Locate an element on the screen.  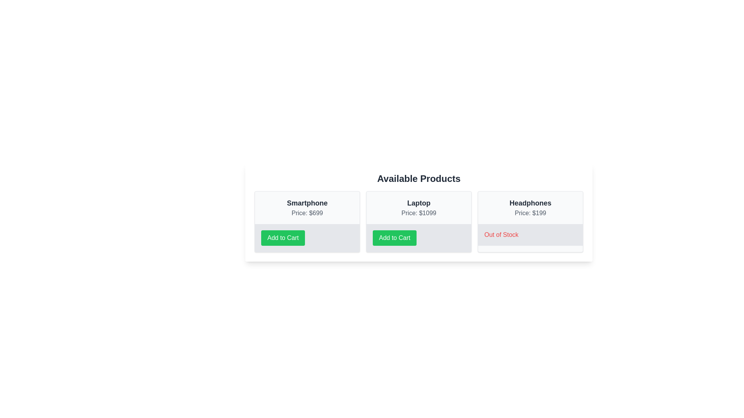
the Information card displaying 'Headphones' with a light gray background, which contains the subtitle 'Price: $199' and the label 'Out of Stock' in bold red text is located at coordinates (530, 222).